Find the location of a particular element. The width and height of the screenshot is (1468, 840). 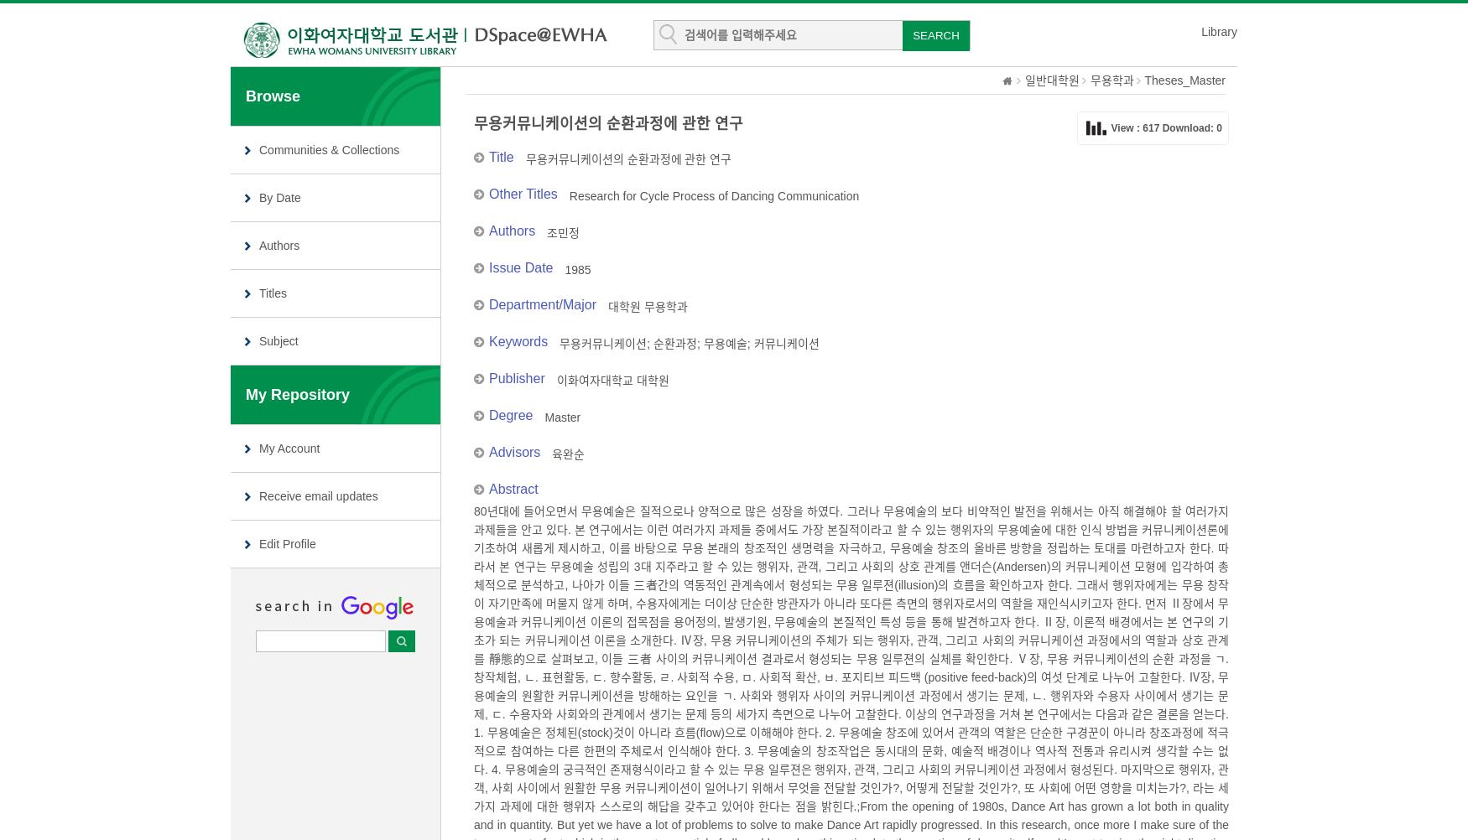

'Advisors' is located at coordinates (514, 452).